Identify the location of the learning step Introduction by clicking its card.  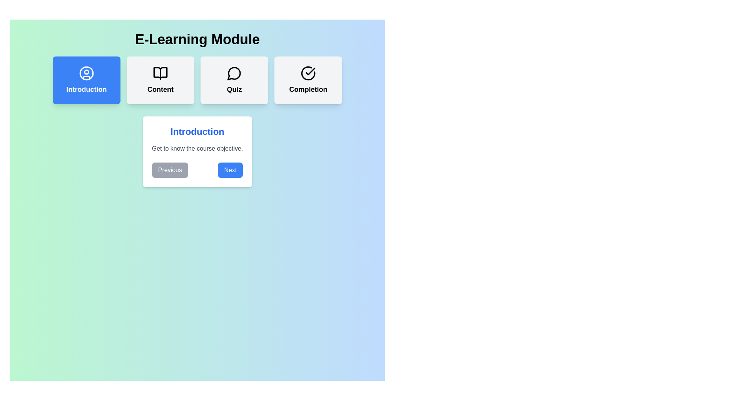
(87, 80).